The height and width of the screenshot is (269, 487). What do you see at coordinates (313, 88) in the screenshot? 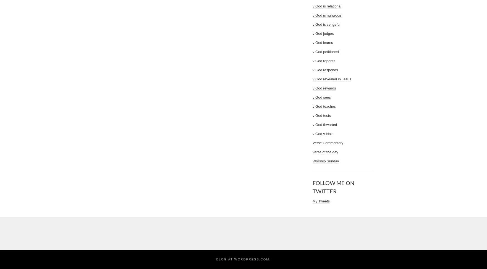
I see `'v God rewards'` at bounding box center [313, 88].